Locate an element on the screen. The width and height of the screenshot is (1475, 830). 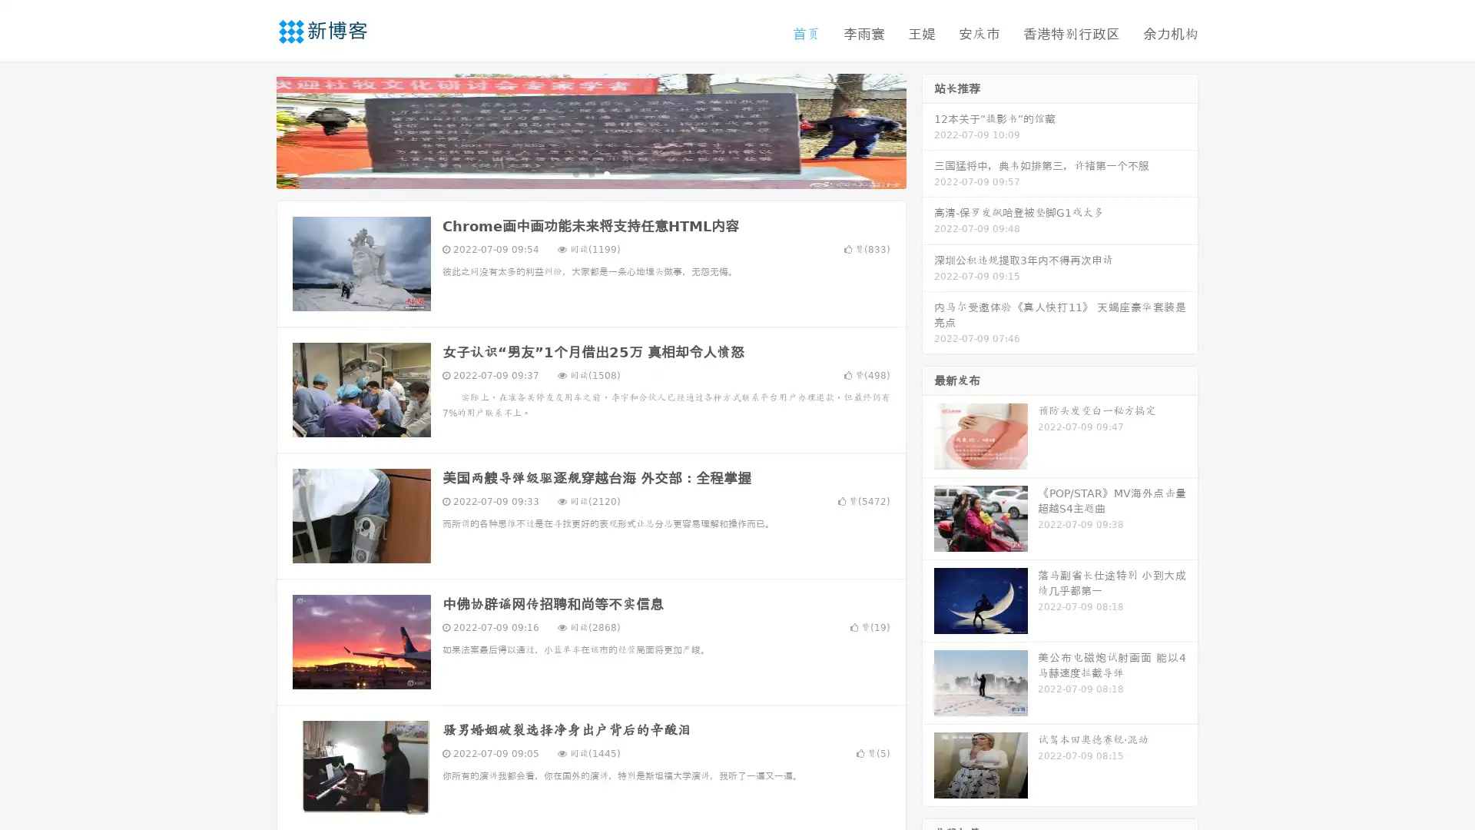
Next slide is located at coordinates (928, 129).